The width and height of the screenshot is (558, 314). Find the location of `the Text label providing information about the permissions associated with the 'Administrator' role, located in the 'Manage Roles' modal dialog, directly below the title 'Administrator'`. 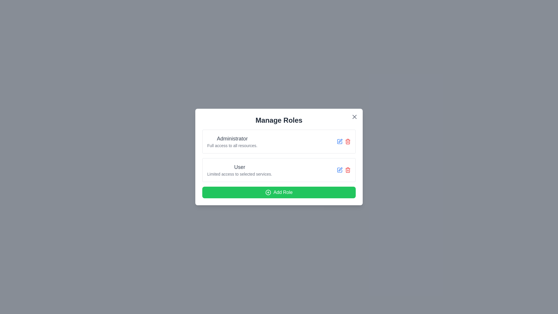

the Text label providing information about the permissions associated with the 'Administrator' role, located in the 'Manage Roles' modal dialog, directly below the title 'Administrator' is located at coordinates (232, 145).